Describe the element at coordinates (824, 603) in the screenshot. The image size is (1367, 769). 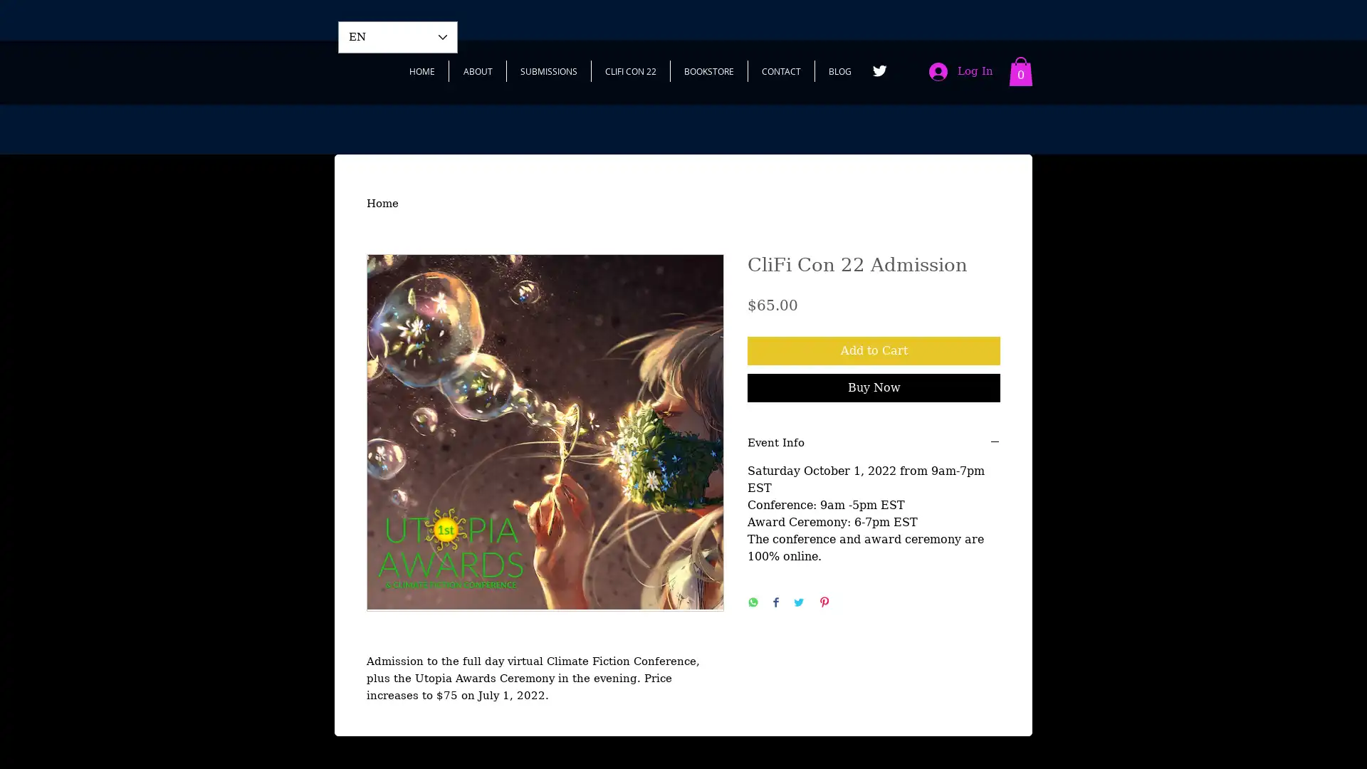
I see `Pin on Pinterest` at that location.